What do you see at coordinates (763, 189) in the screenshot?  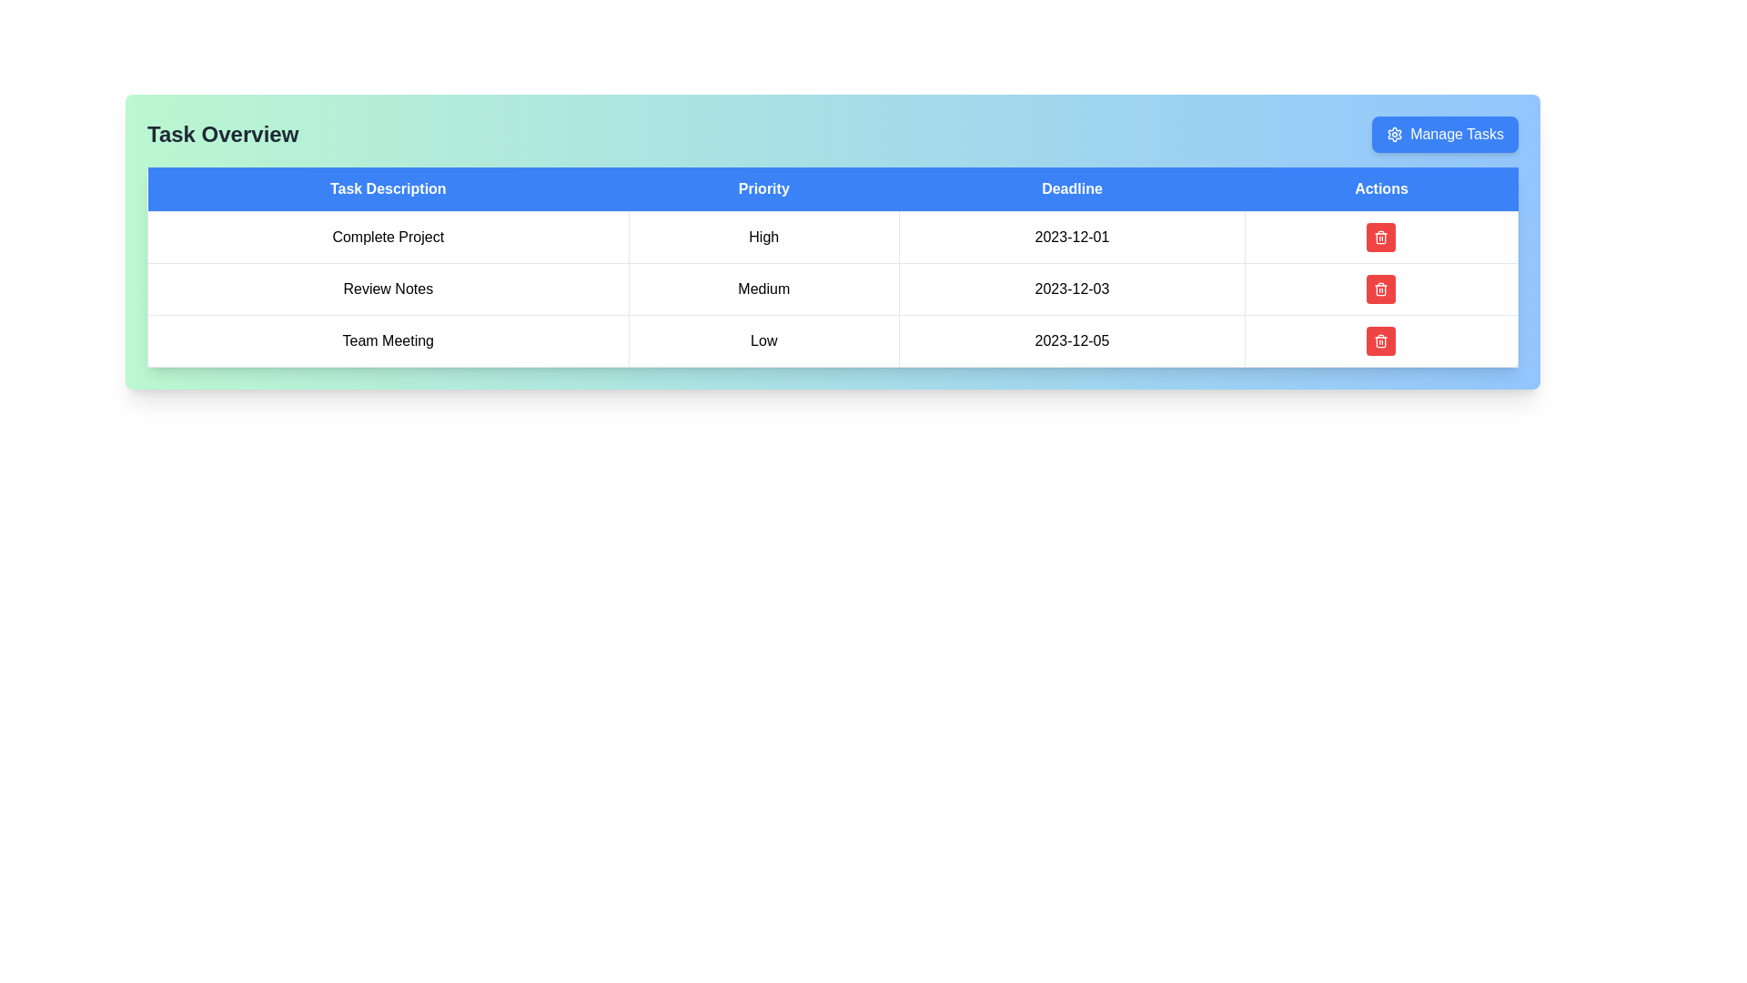 I see `the 'Priority' header text label, which is styled with white text on a blue background and centered in the header section of the table interface` at bounding box center [763, 189].